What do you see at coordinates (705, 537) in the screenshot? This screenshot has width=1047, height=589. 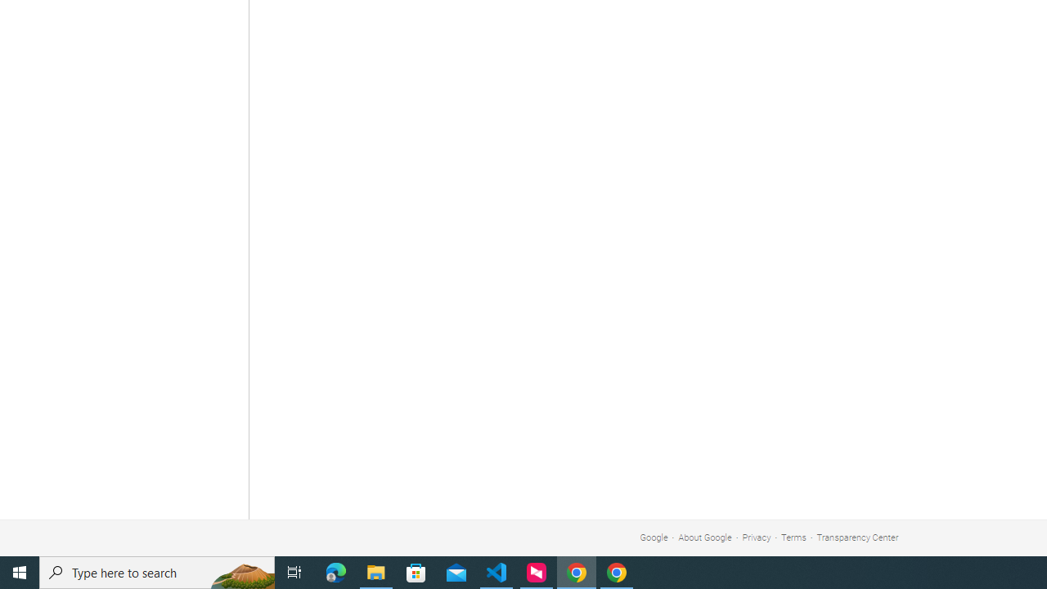 I see `'About Google'` at bounding box center [705, 537].